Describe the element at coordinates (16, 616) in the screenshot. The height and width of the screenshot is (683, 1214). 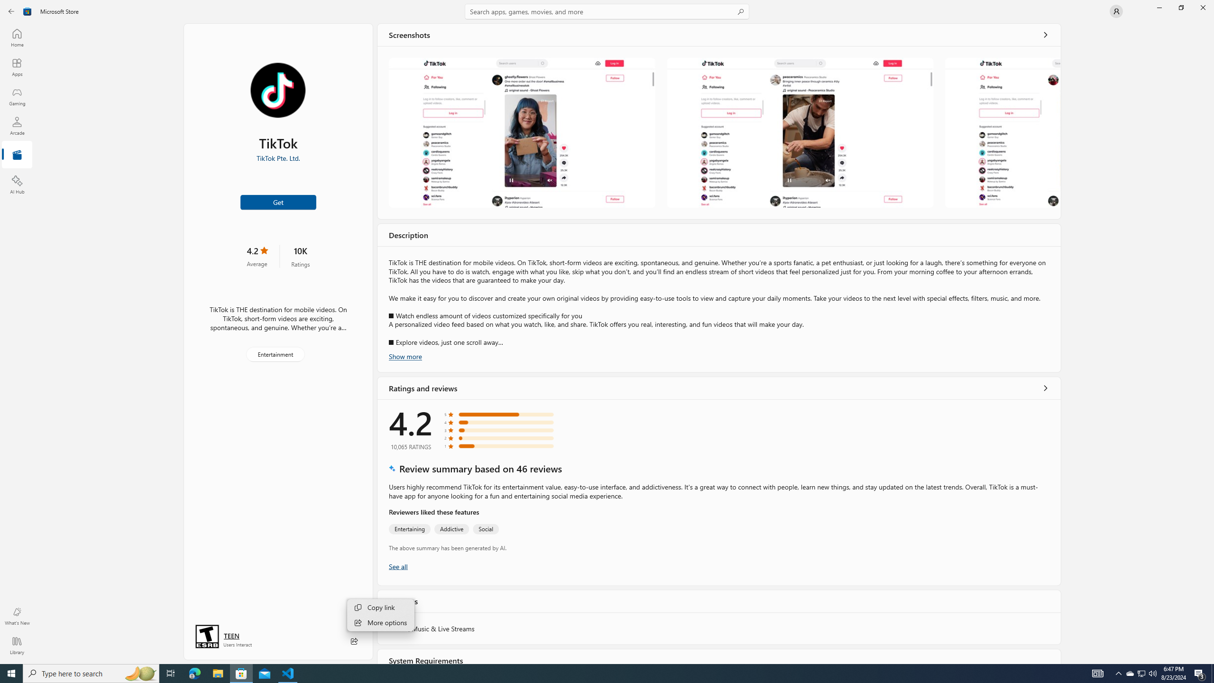
I see `'What'` at that location.